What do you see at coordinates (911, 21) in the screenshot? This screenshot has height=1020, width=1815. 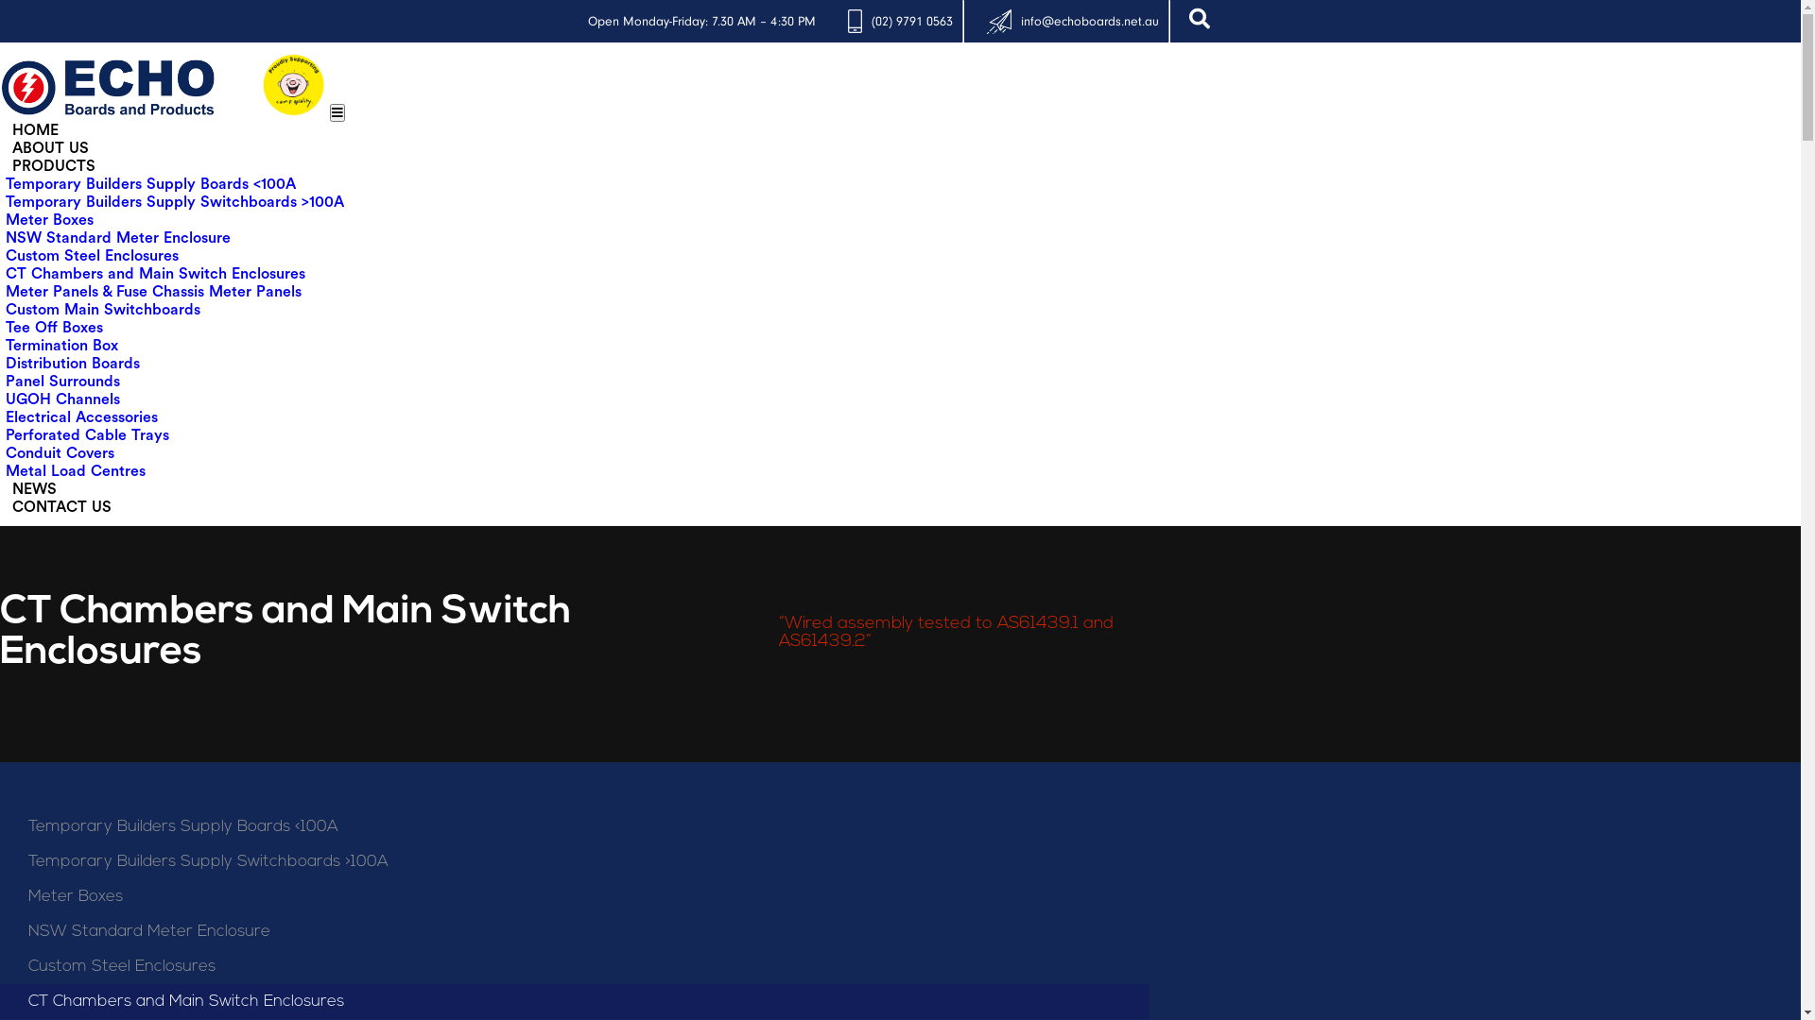 I see `'(02) 9791 0563'` at bounding box center [911, 21].